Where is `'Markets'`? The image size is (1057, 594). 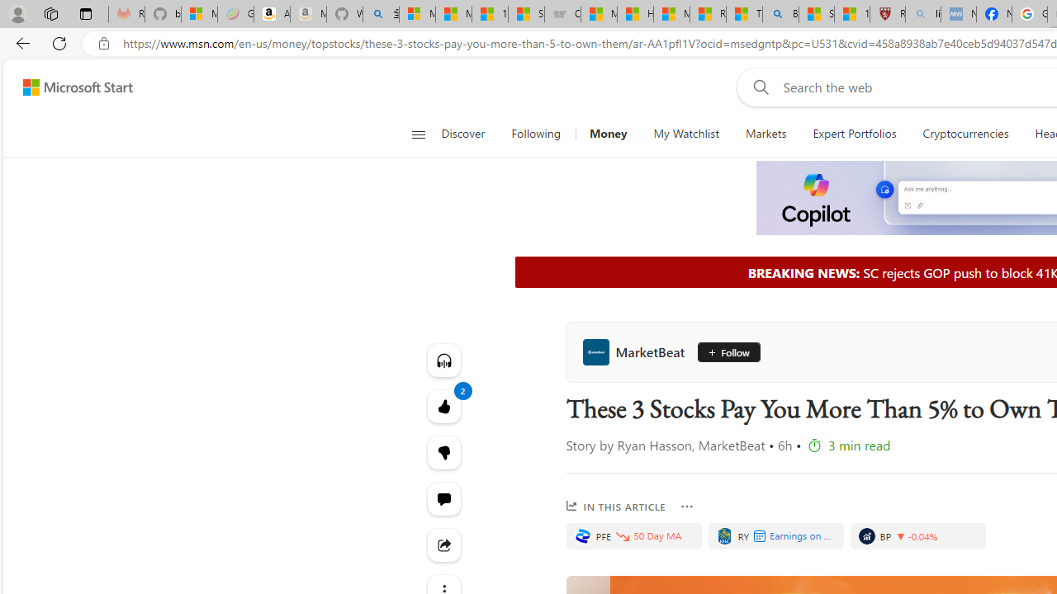 'Markets' is located at coordinates (765, 134).